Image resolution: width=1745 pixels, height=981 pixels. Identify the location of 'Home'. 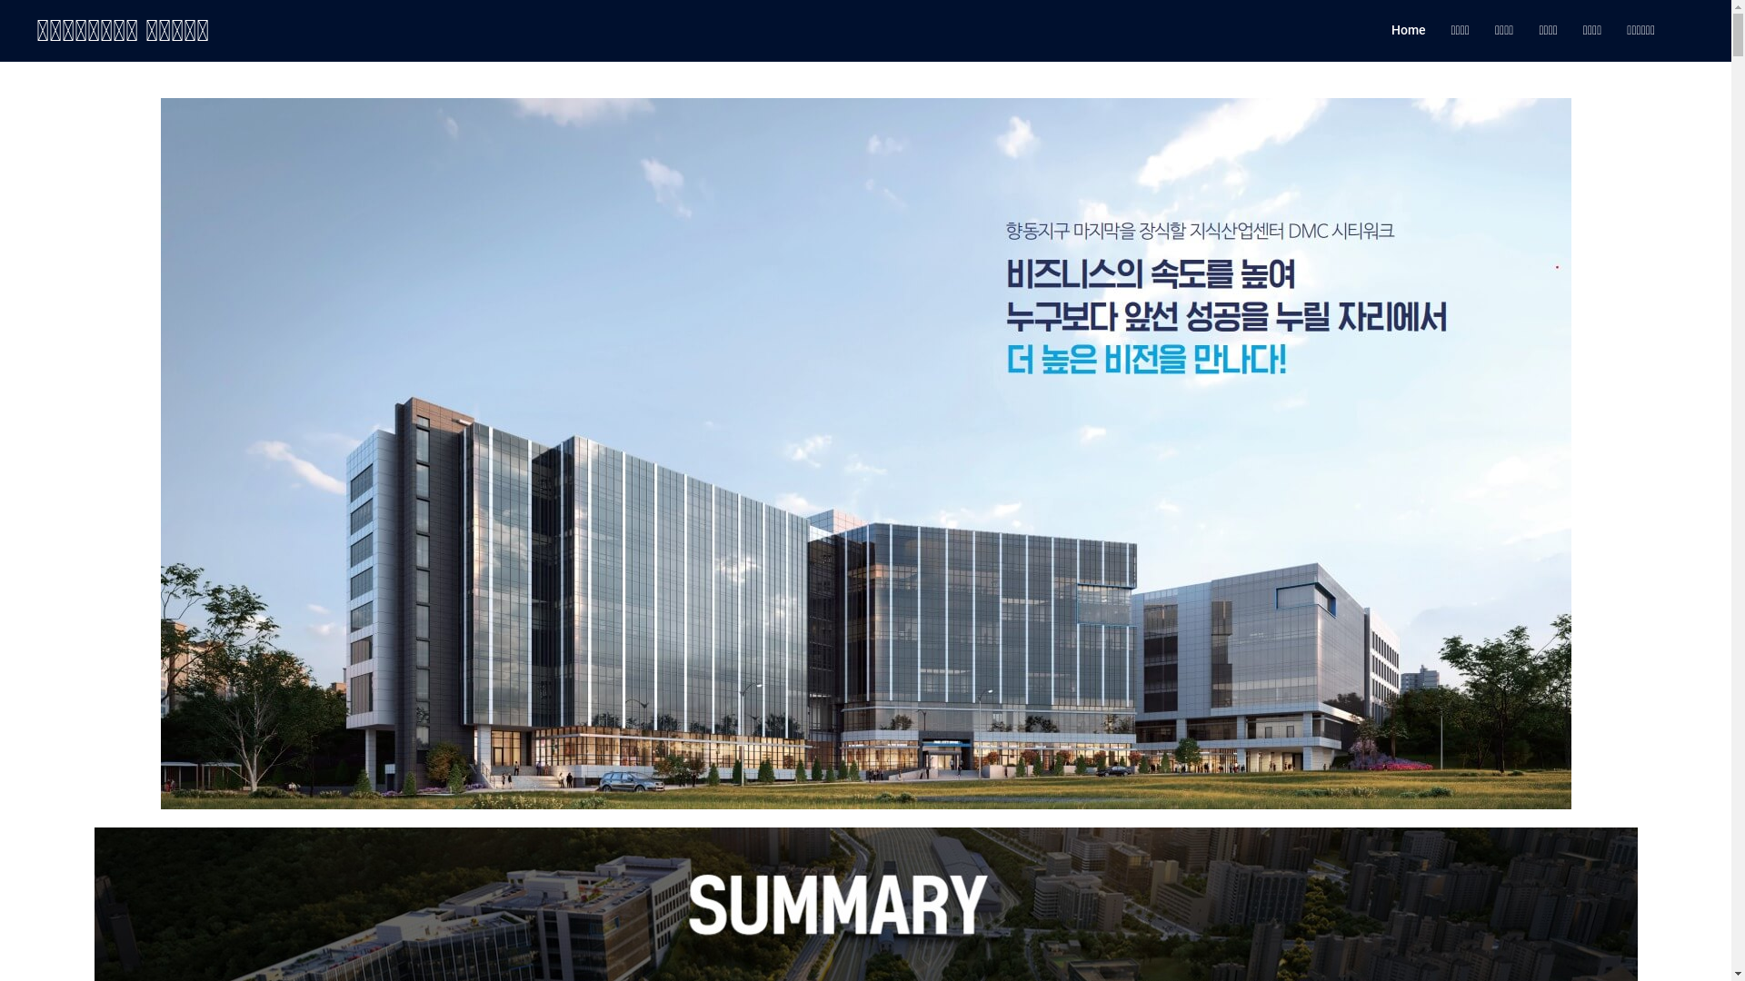
(1390, 31).